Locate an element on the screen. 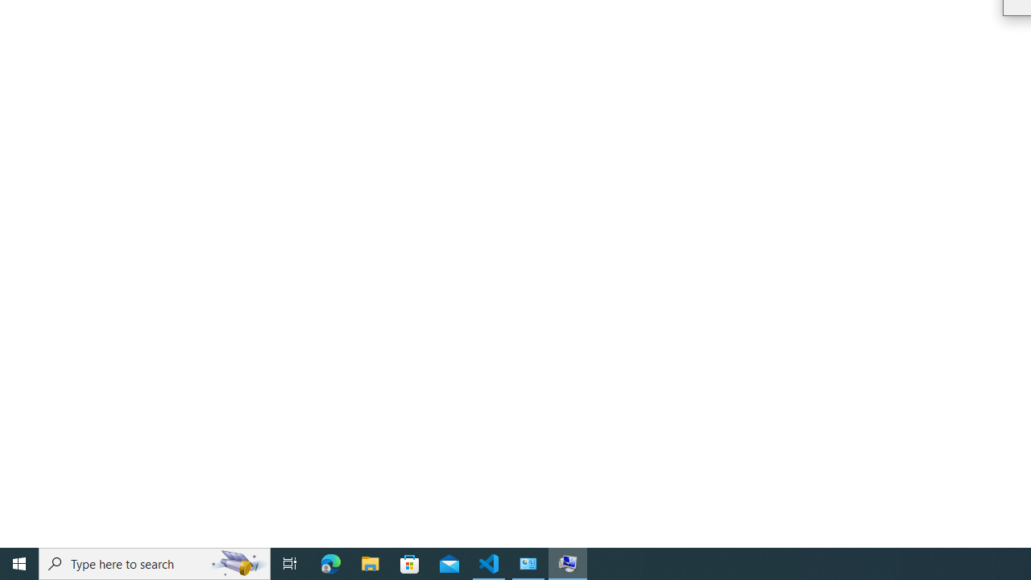 This screenshot has height=580, width=1031. 'Start' is located at coordinates (19, 562).